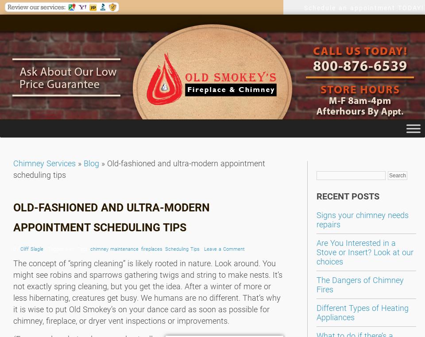 The image size is (425, 337). Describe the element at coordinates (362, 219) in the screenshot. I see `'Signs your chimney needs repairs'` at that location.